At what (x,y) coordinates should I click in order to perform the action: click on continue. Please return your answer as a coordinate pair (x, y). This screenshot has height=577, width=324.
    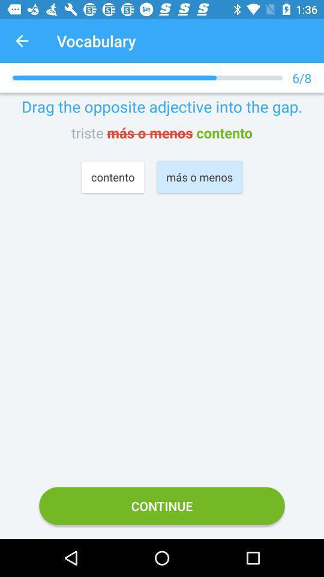
    Looking at the image, I should click on (162, 505).